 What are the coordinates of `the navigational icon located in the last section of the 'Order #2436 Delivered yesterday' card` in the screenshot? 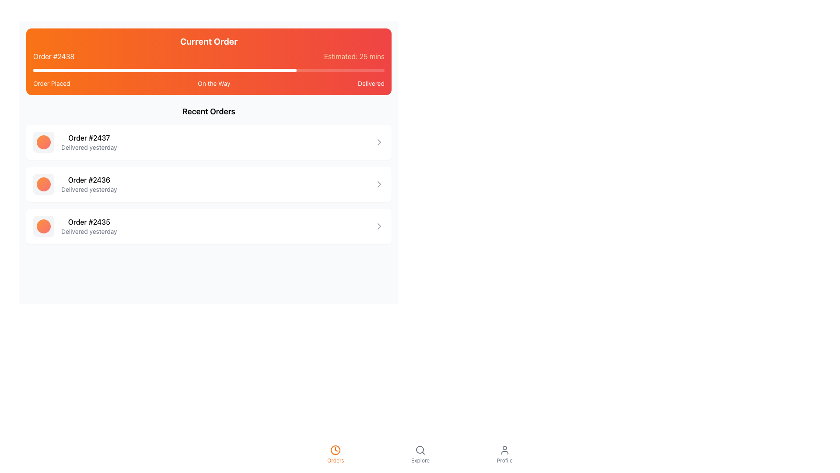 It's located at (379, 184).